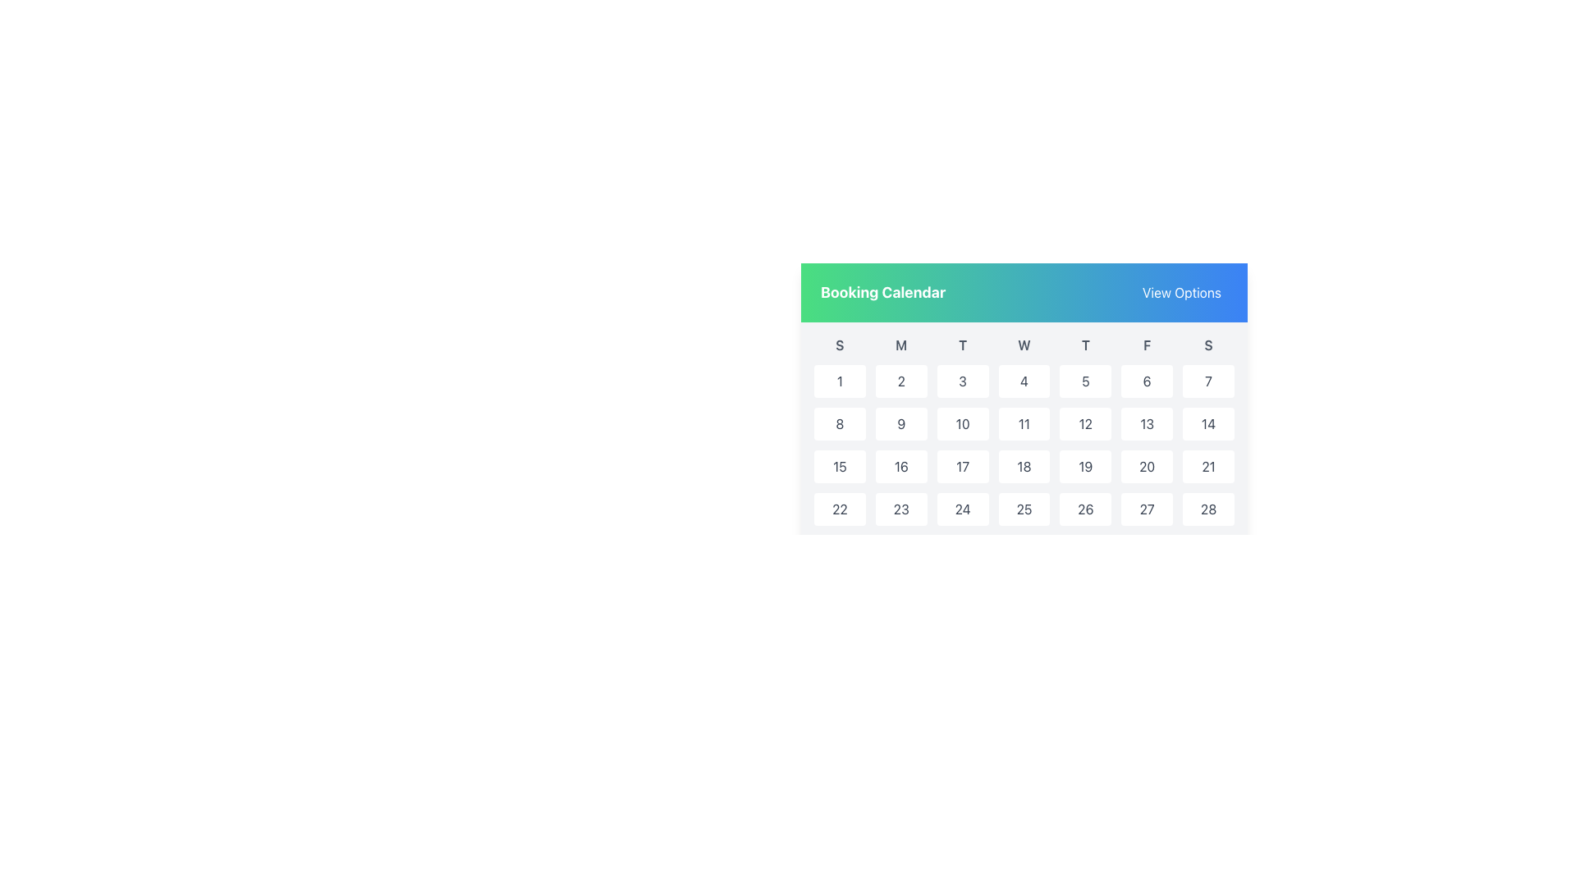 The width and height of the screenshot is (1576, 886). What do you see at coordinates (1208, 509) in the screenshot?
I see `the numeric text element displaying '28', which is the date indicator for the last day of the week in the calendar grid` at bounding box center [1208, 509].